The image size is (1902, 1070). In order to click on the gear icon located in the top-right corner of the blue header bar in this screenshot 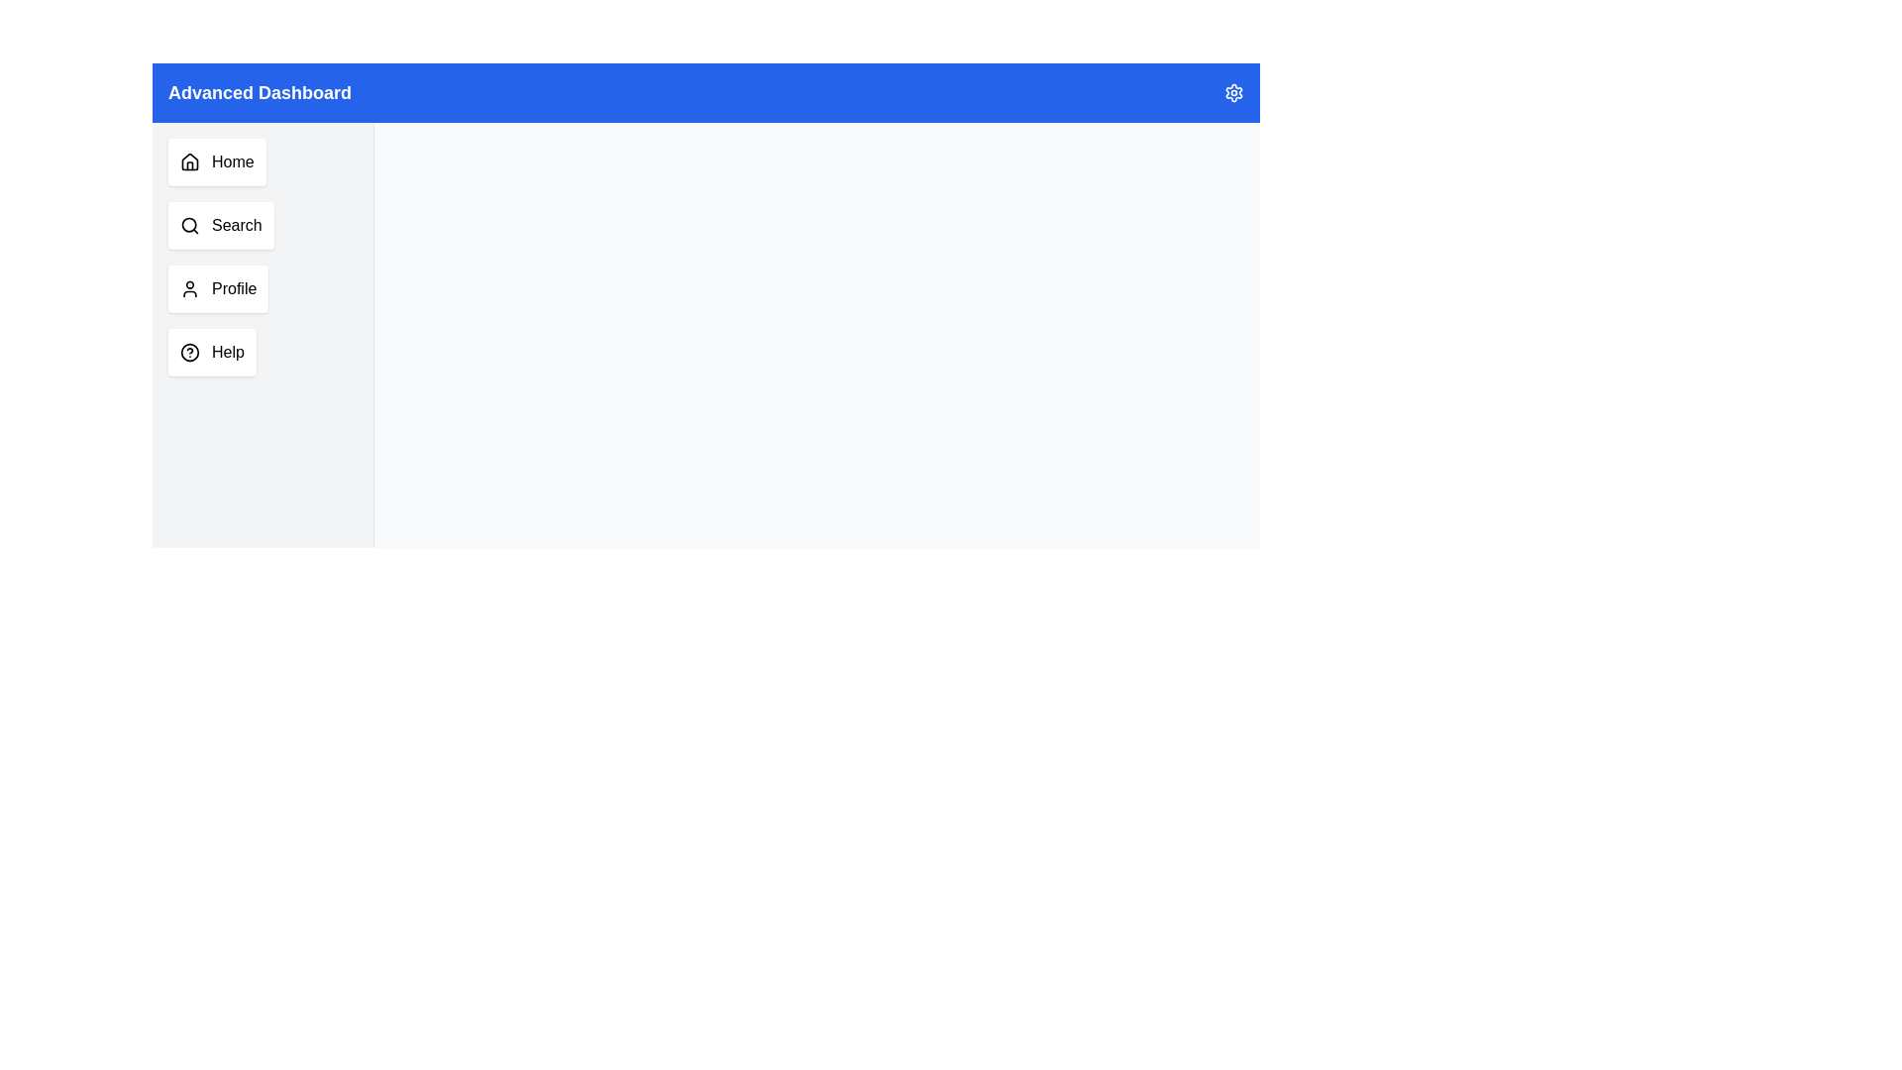, I will do `click(1233, 92)`.